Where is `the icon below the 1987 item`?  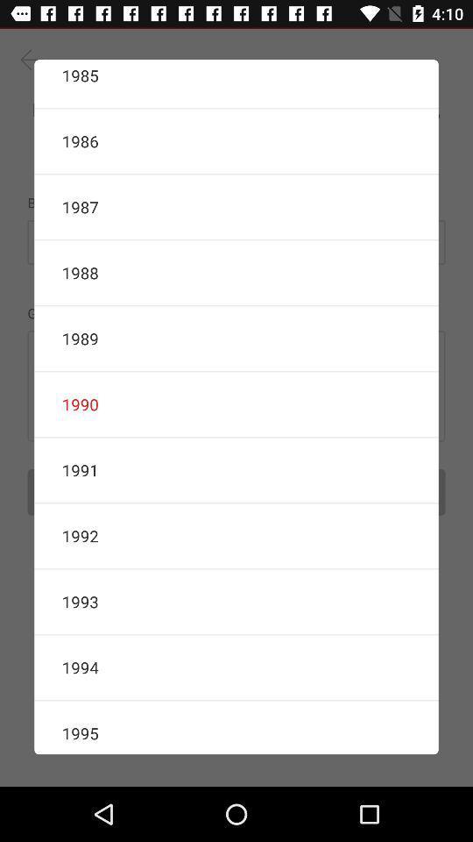 the icon below the 1987 item is located at coordinates (236, 273).